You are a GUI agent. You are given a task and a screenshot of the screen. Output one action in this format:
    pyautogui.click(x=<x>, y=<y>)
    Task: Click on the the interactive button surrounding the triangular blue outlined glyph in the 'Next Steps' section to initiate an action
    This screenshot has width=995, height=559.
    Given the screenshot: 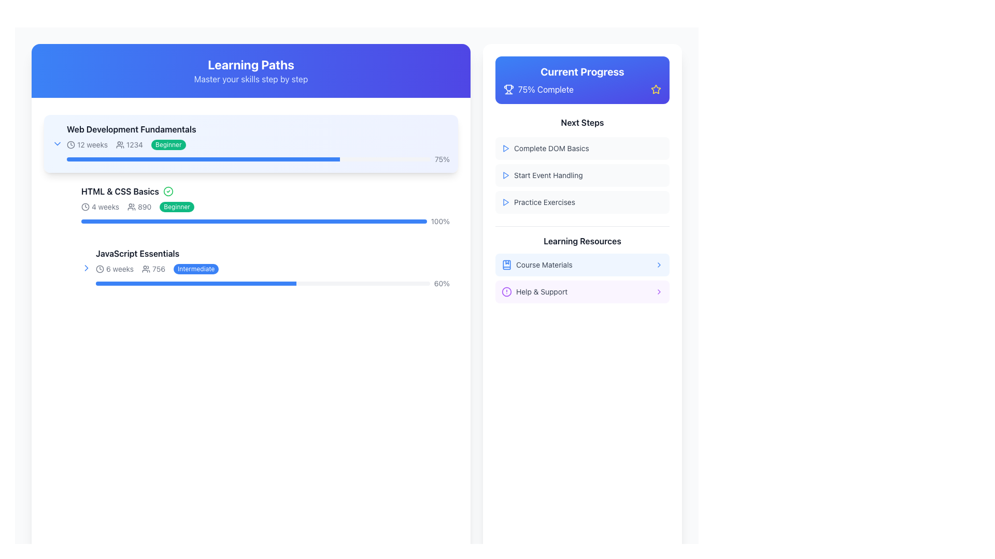 What is the action you would take?
    pyautogui.click(x=506, y=148)
    